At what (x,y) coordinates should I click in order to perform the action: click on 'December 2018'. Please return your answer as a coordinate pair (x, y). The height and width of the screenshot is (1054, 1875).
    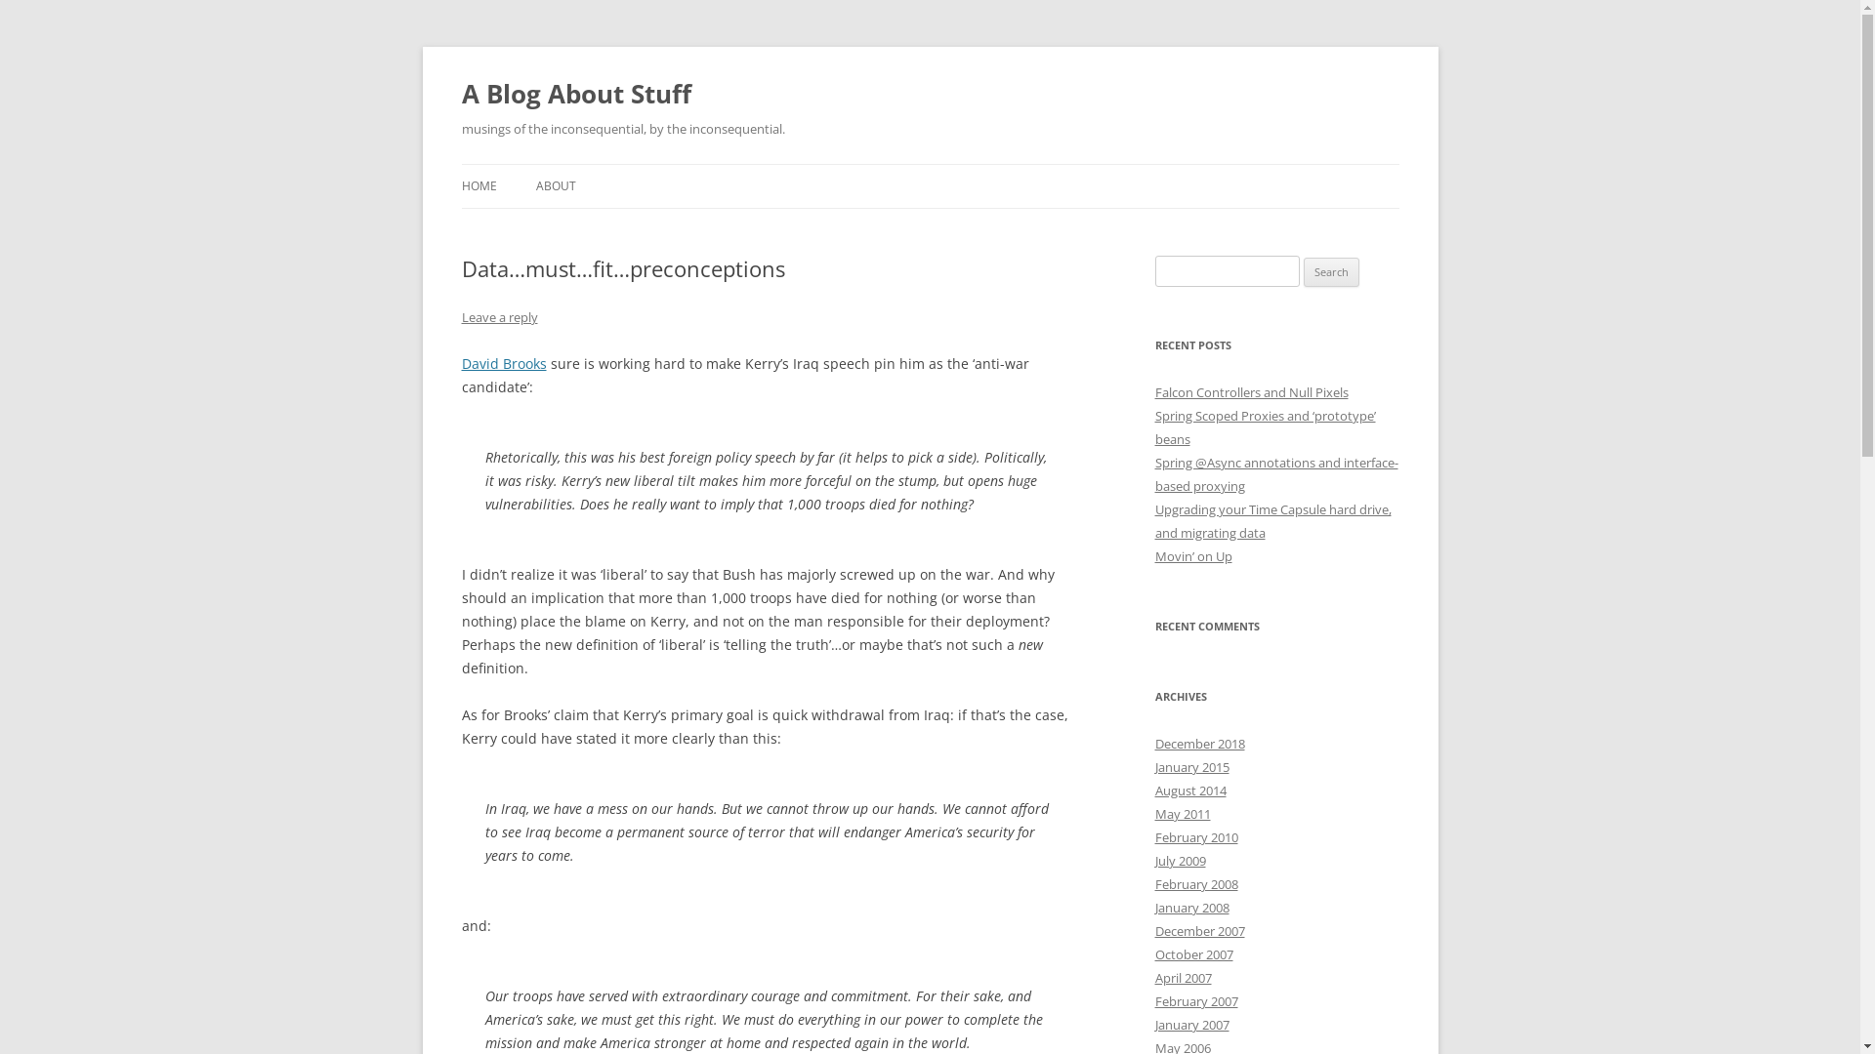
    Looking at the image, I should click on (1198, 744).